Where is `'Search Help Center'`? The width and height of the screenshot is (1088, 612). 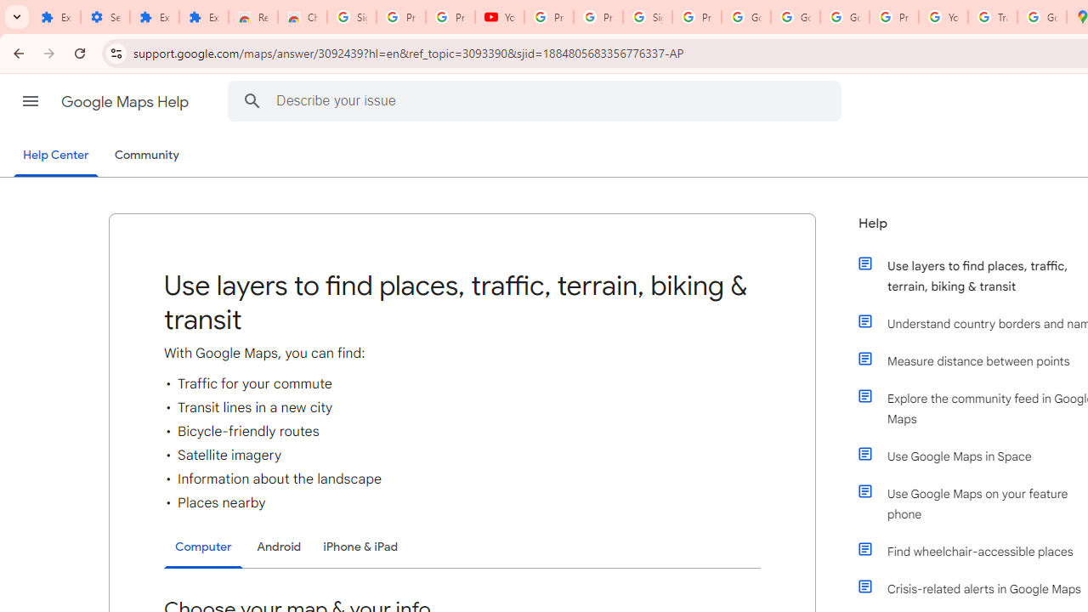
'Search Help Center' is located at coordinates (252, 100).